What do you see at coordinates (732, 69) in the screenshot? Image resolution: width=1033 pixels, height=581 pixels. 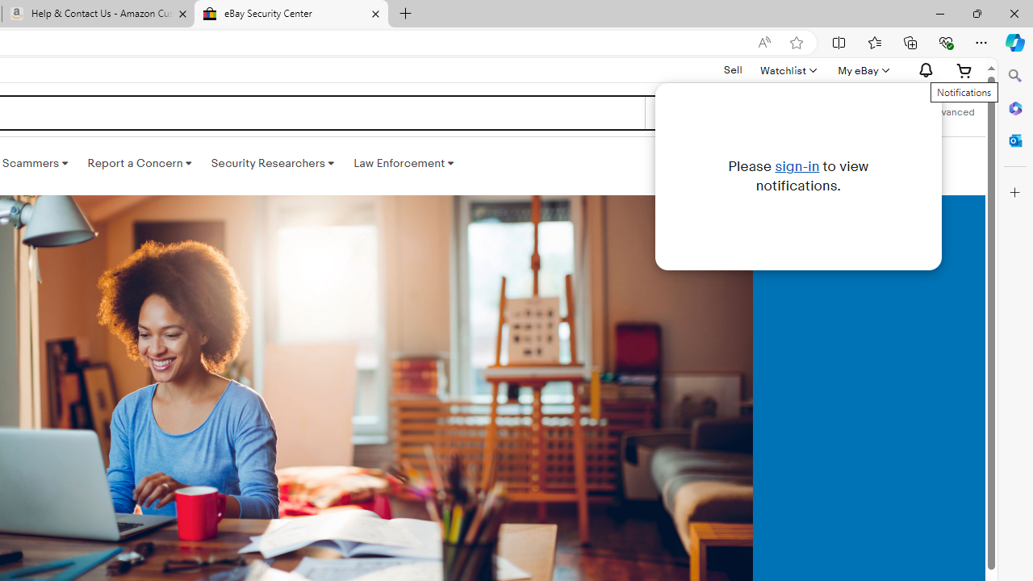 I see `'Sell'` at bounding box center [732, 69].